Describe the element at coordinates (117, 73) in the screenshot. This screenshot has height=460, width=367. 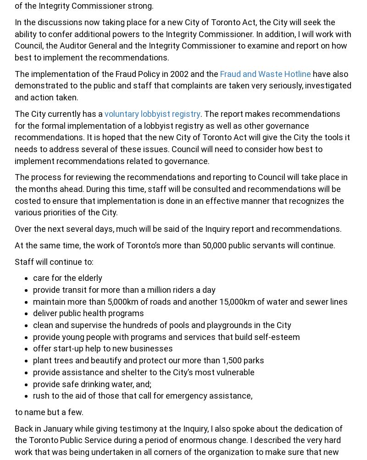
I see `'The implementation of the Fraud Policy in 2002 and the'` at that location.